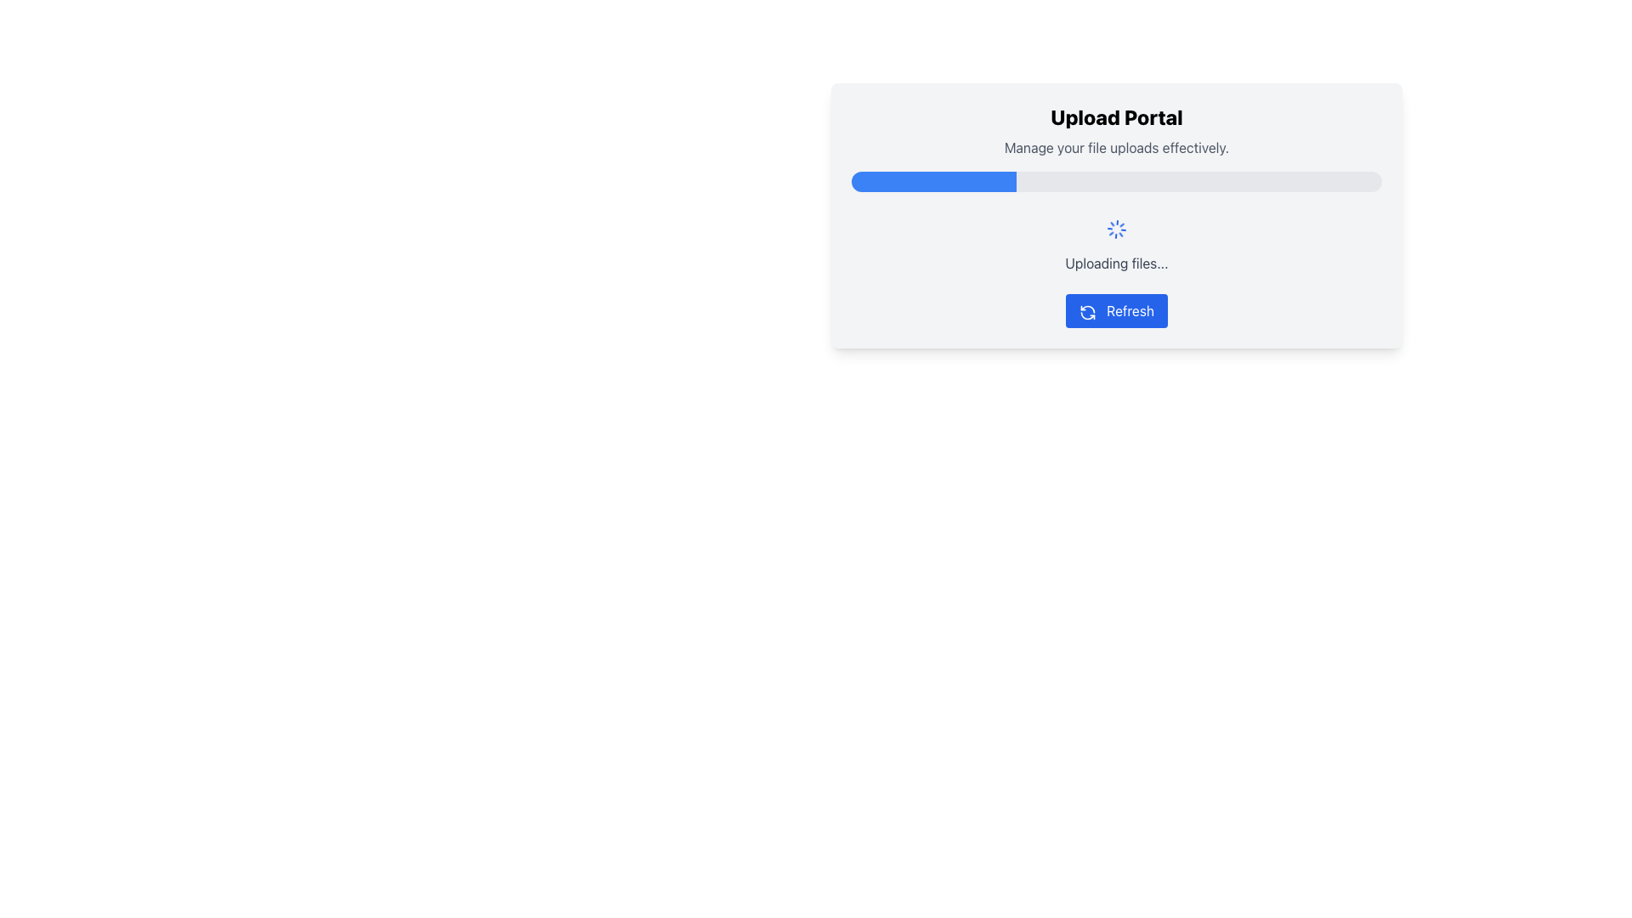 This screenshot has height=918, width=1632. I want to click on the static text label indicating that files are currently being uploaded, located directly below the spinning loader icon and horizontally centered in the modal interface, so click(1117, 263).